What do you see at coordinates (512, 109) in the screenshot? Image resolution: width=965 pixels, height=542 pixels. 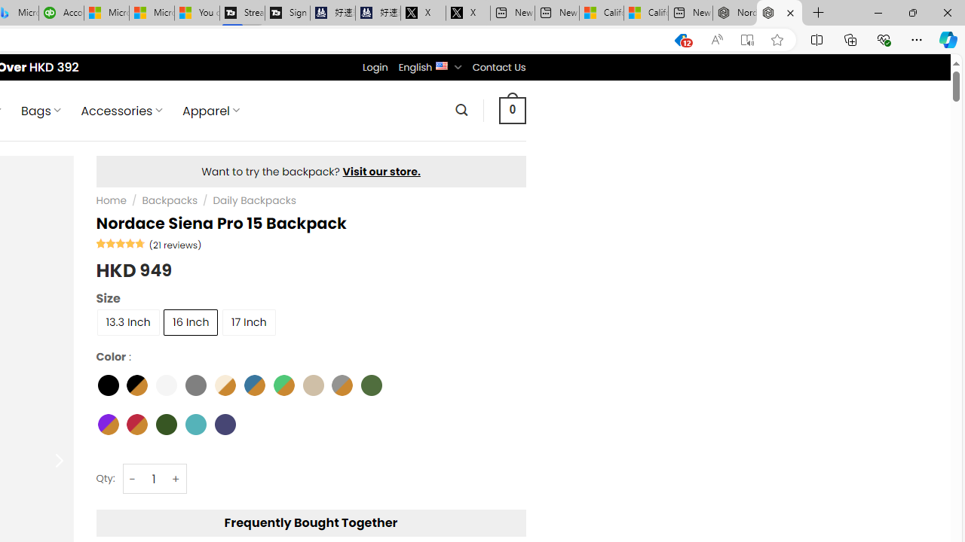 I see `' 0 '` at bounding box center [512, 109].